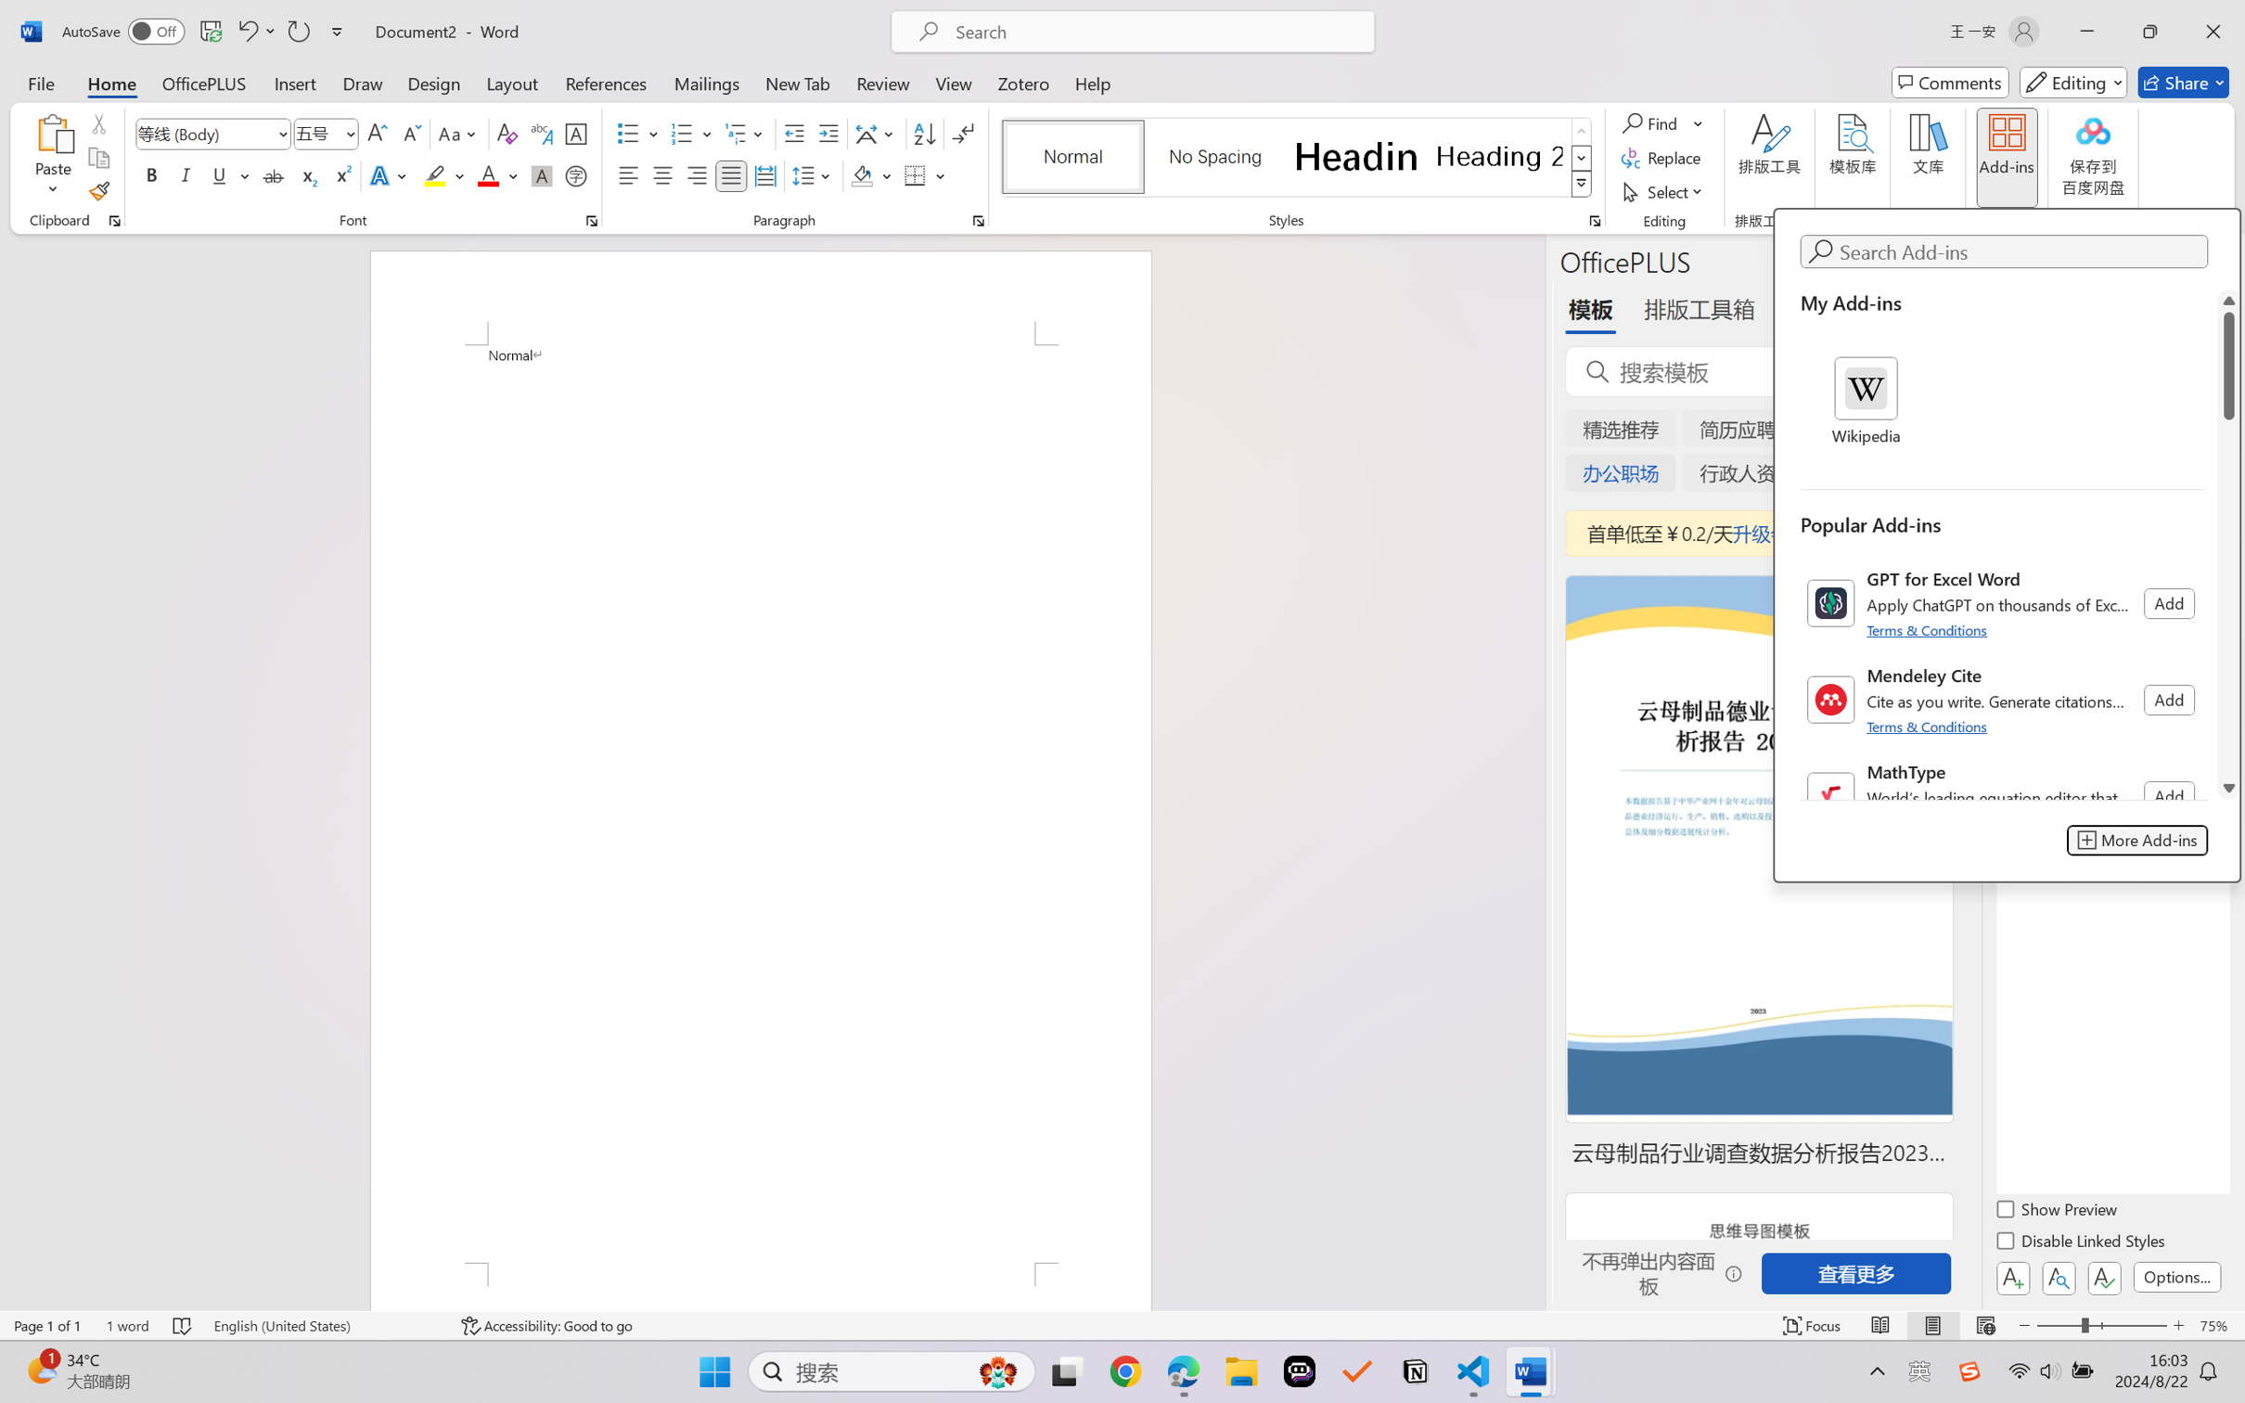 The width and height of the screenshot is (2245, 1403). Describe the element at coordinates (1156, 31) in the screenshot. I see `'Microsoft search'` at that location.